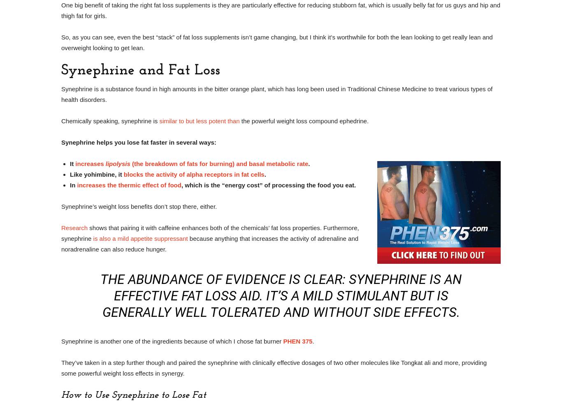 Image resolution: width=562 pixels, height=406 pixels. Describe the element at coordinates (210, 233) in the screenshot. I see `'shows that pairing it with caffeine enhances both of the chemicals’ fat loss properties. Furthermore, synephrine'` at that location.